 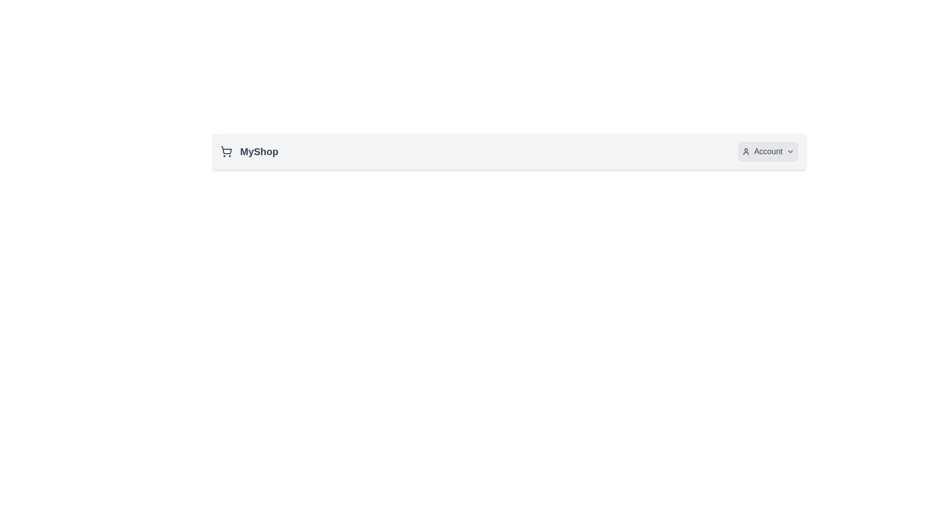 I want to click on text 'MyShop' located next to the shopping cart icon on the left side of the navigation bar, so click(x=249, y=152).